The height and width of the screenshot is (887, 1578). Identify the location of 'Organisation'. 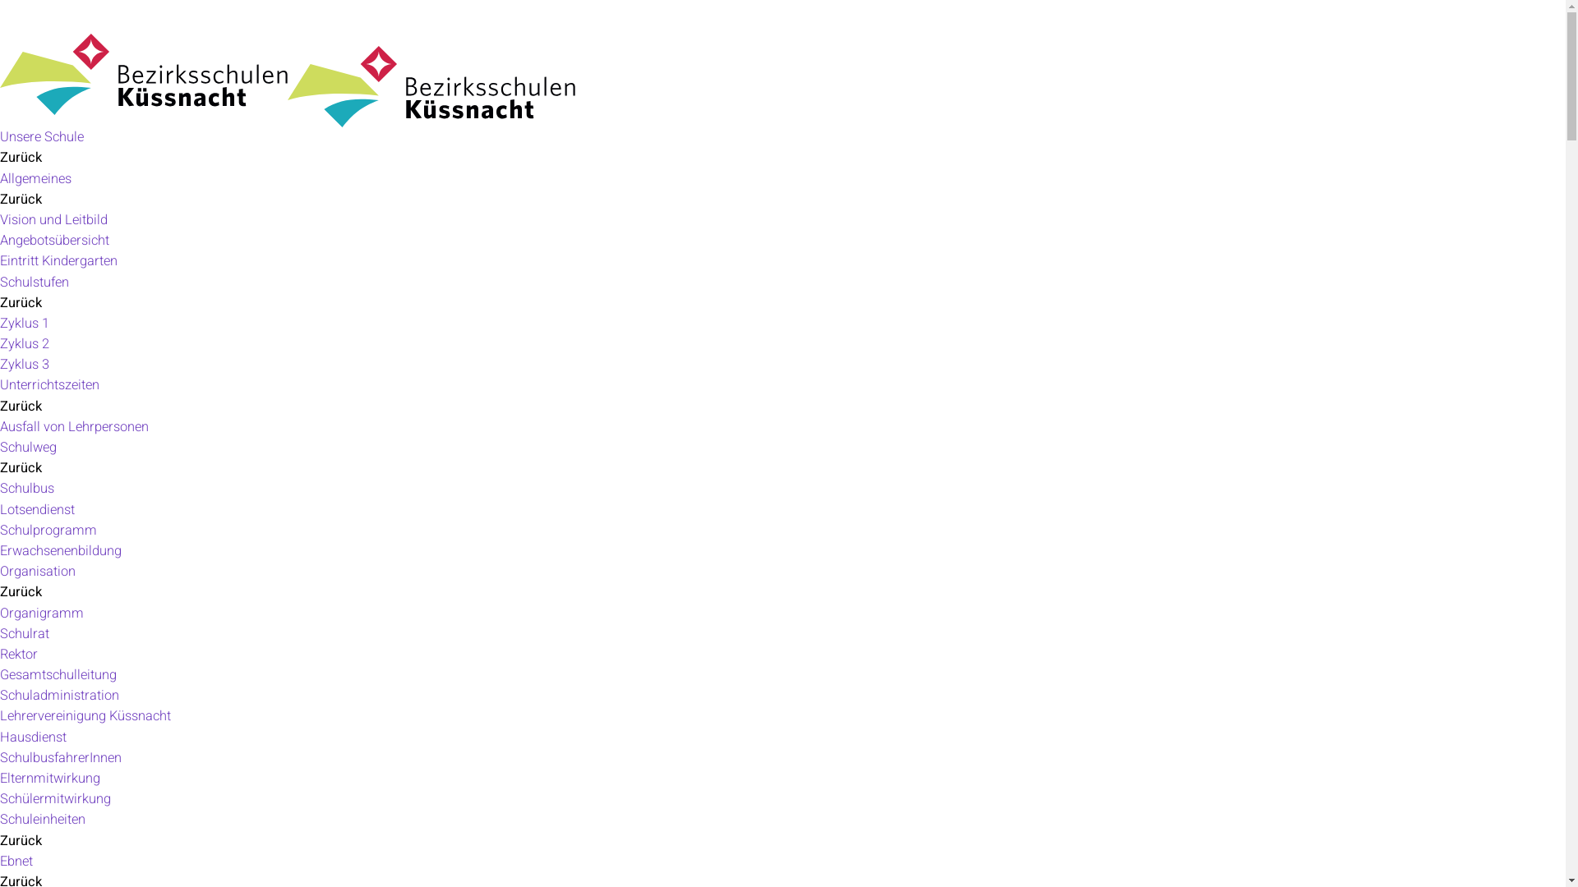
(38, 570).